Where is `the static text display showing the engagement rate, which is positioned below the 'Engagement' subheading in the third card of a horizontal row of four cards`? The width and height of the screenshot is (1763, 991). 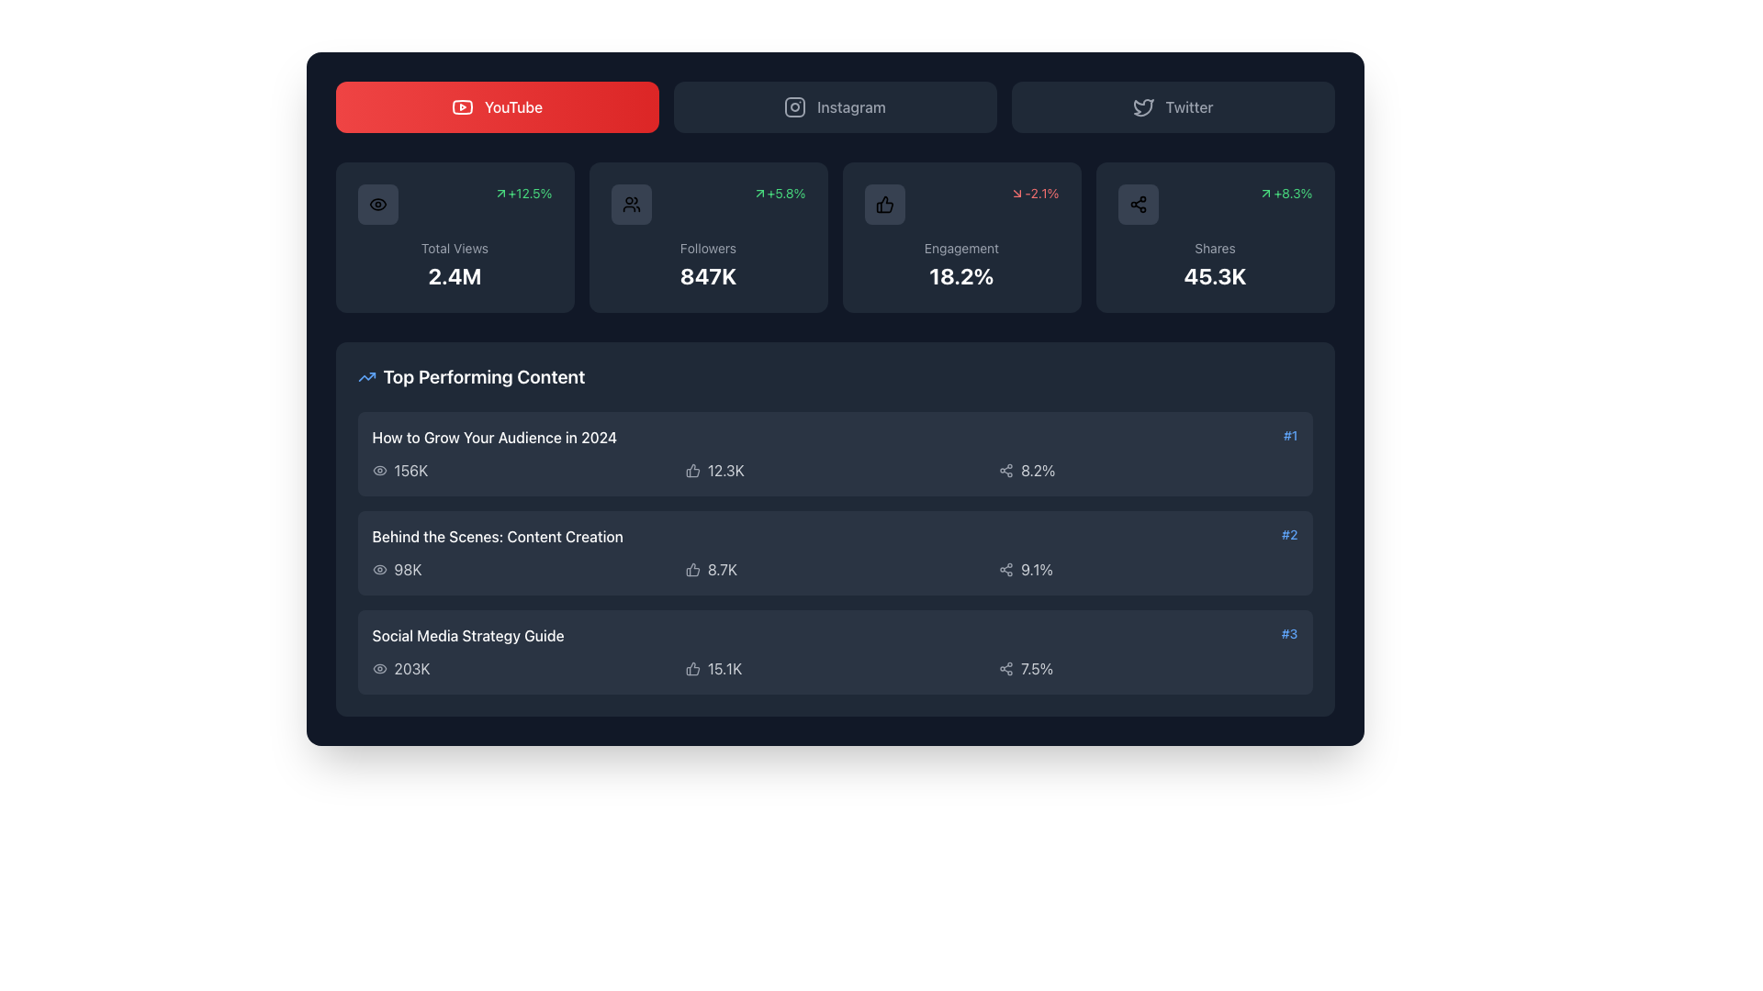
the static text display showing the engagement rate, which is positioned below the 'Engagement' subheading in the third card of a horizontal row of four cards is located at coordinates (960, 275).